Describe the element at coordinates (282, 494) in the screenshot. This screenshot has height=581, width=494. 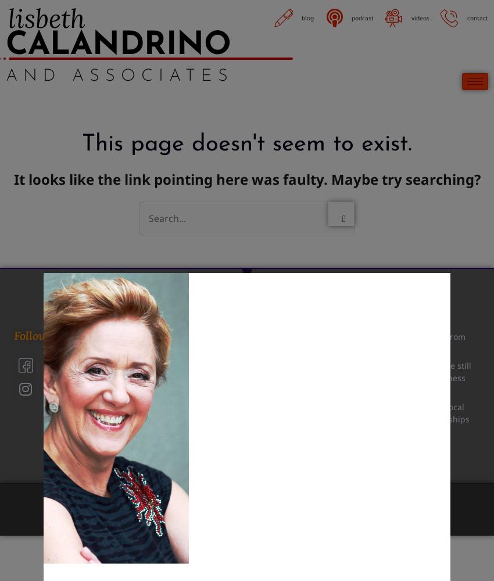
I see `'Site Design by'` at that location.